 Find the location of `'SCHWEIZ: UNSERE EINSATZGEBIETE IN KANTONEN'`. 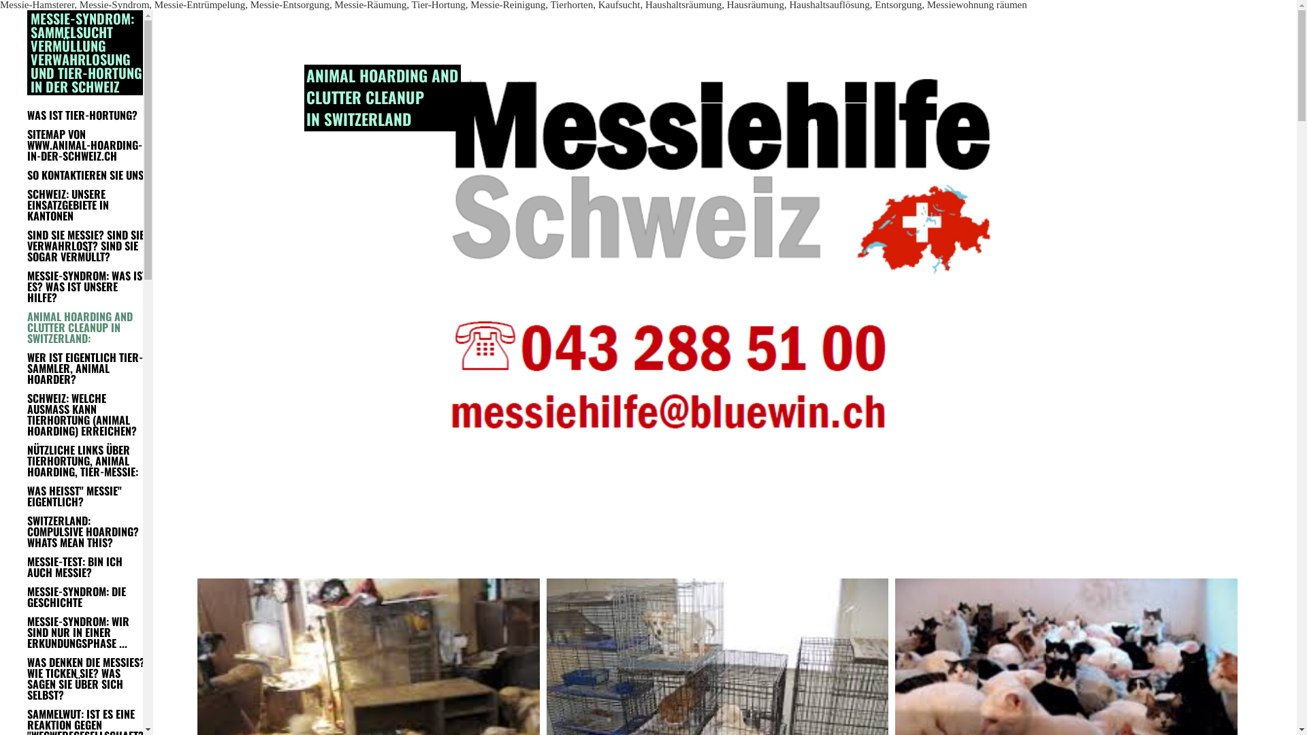

'SCHWEIZ: UNSERE EINSATZGEBIETE IN KANTONEN' is located at coordinates (86, 204).